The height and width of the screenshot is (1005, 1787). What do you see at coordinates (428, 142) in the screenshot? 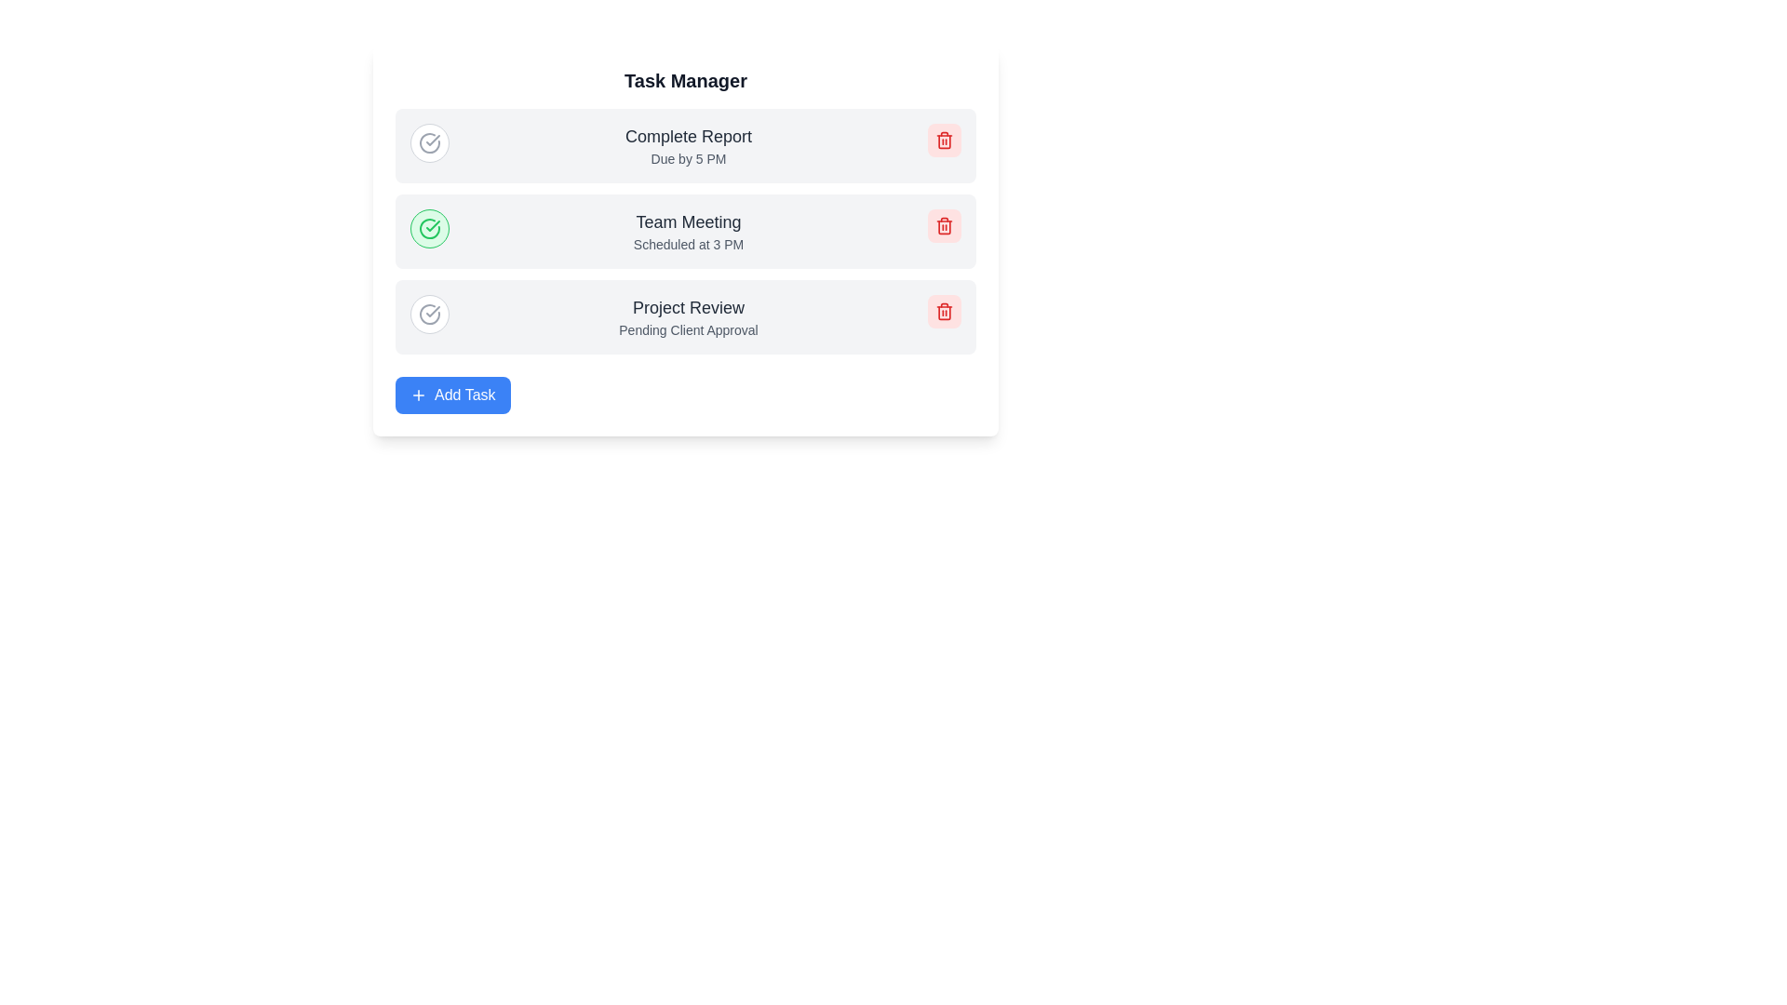
I see `the circular button/icon located to the left of the 'Complete Report' task entry` at bounding box center [428, 142].